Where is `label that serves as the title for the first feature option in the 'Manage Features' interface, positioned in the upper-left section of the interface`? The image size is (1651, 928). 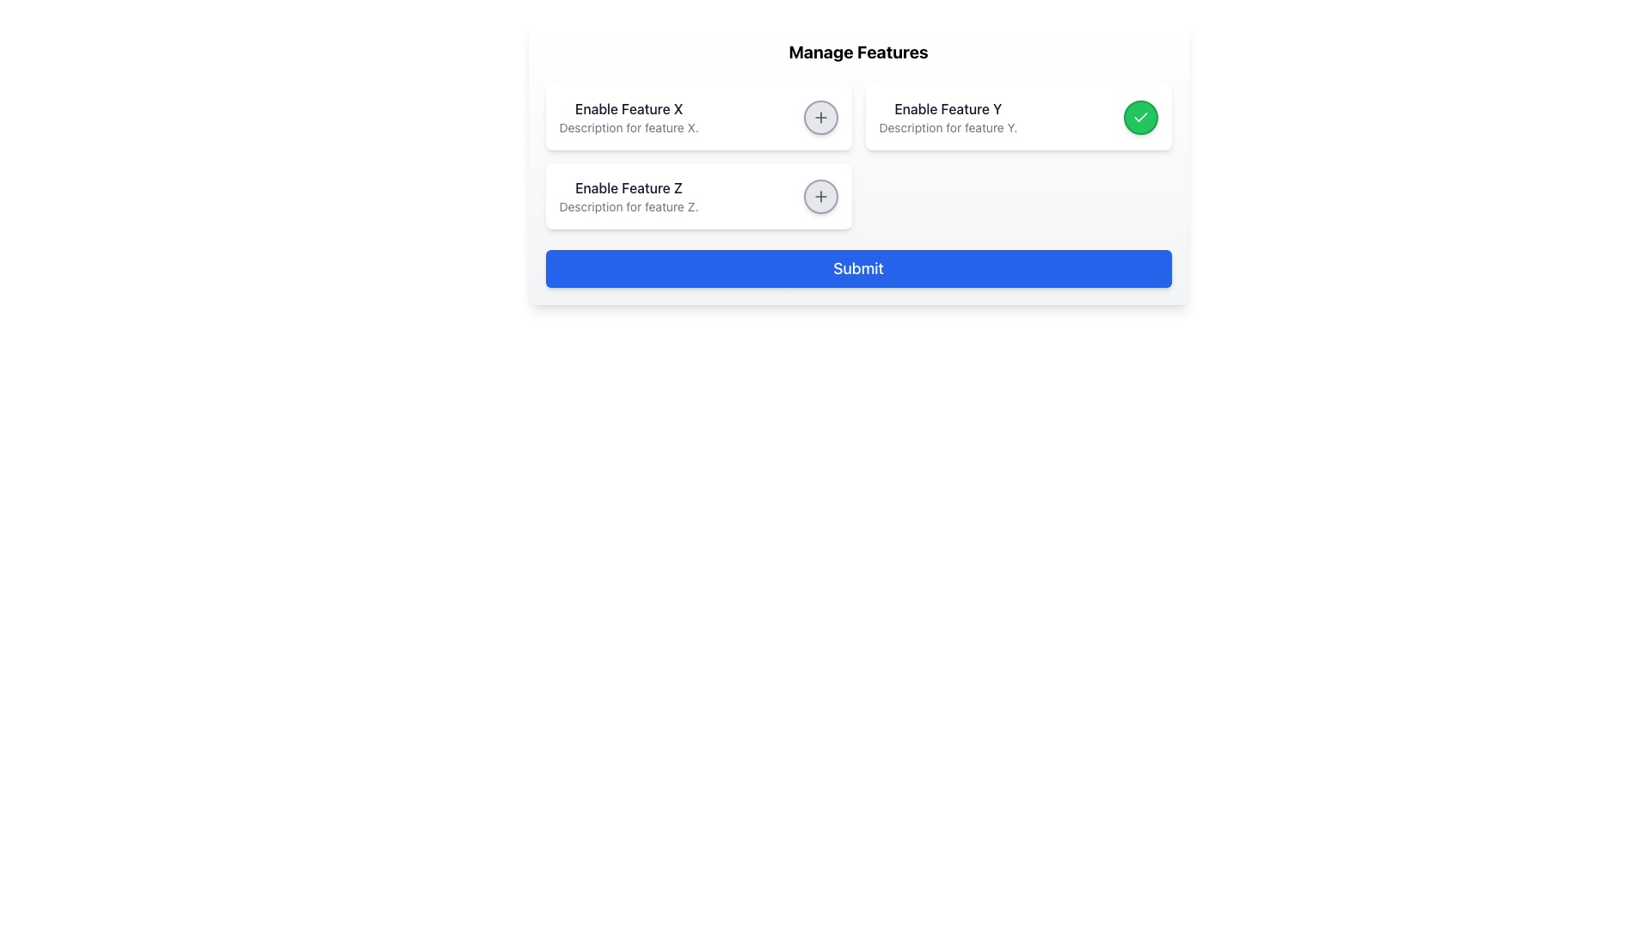 label that serves as the title for the first feature option in the 'Manage Features' interface, positioned in the upper-left section of the interface is located at coordinates (628, 109).